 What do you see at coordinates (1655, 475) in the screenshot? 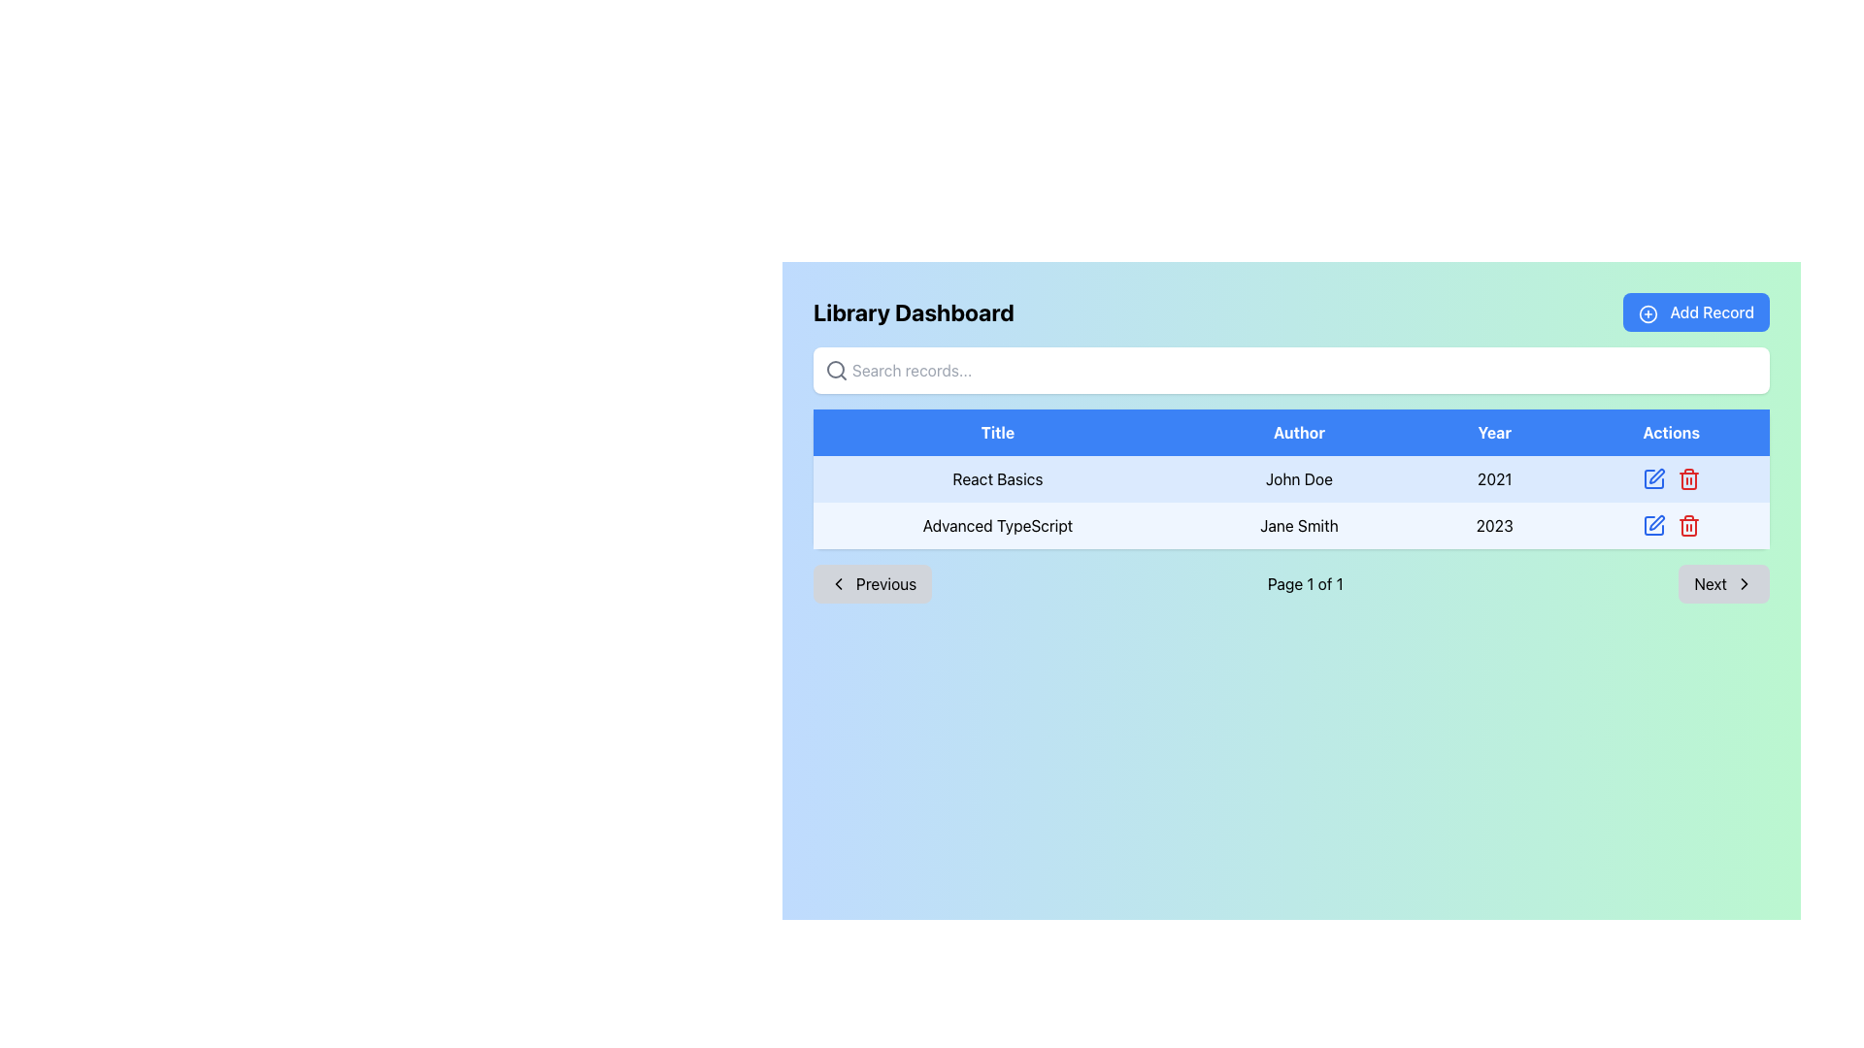
I see `the edit icon in the Actions column of the second row to initiate editing for the corresponding record under 'Advanced TypeScript'` at bounding box center [1655, 475].